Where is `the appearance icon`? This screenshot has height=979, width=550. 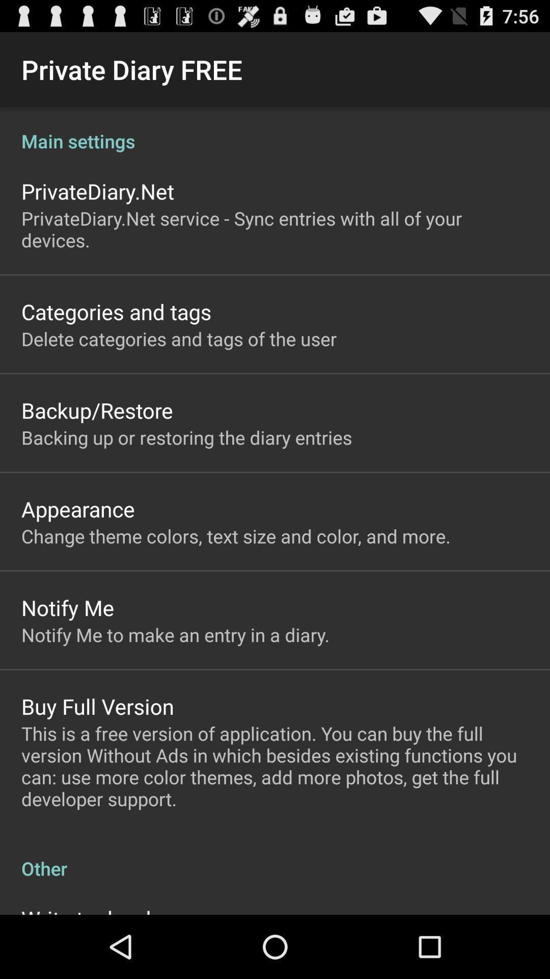 the appearance icon is located at coordinates (77, 509).